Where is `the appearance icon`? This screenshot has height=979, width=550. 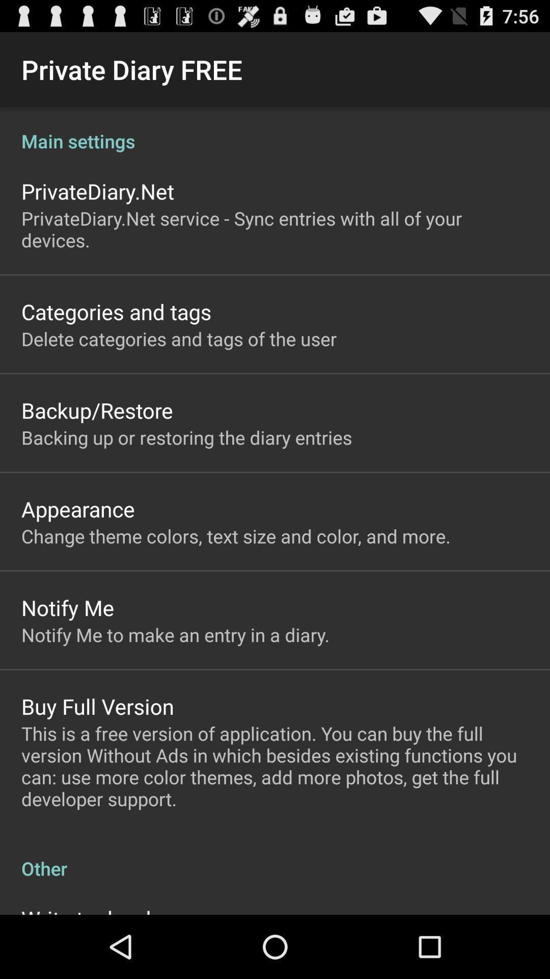 the appearance icon is located at coordinates (77, 509).